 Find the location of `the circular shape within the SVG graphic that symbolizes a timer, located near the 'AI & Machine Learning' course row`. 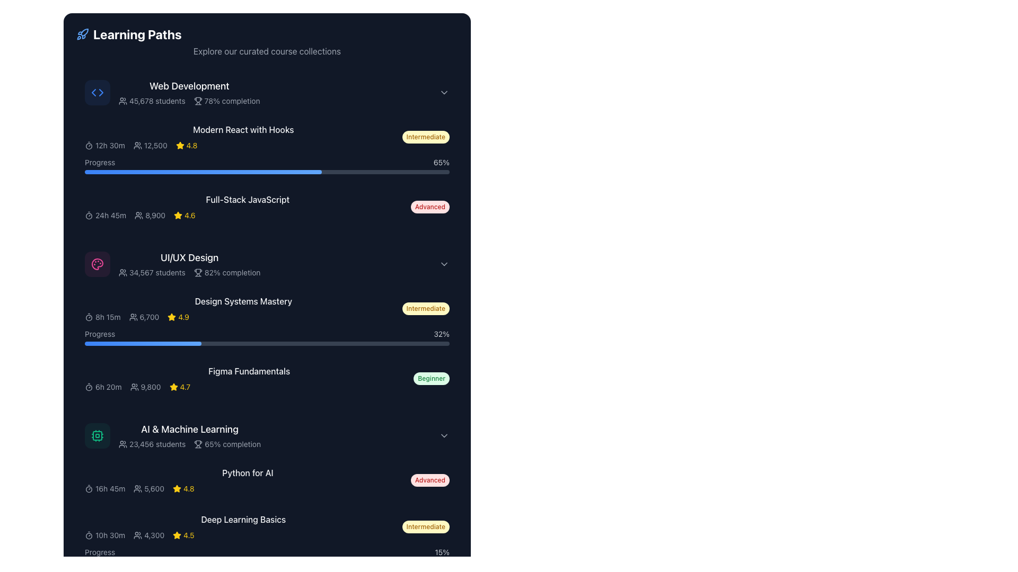

the circular shape within the SVG graphic that symbolizes a timer, located near the 'AI & Machine Learning' course row is located at coordinates (89, 489).